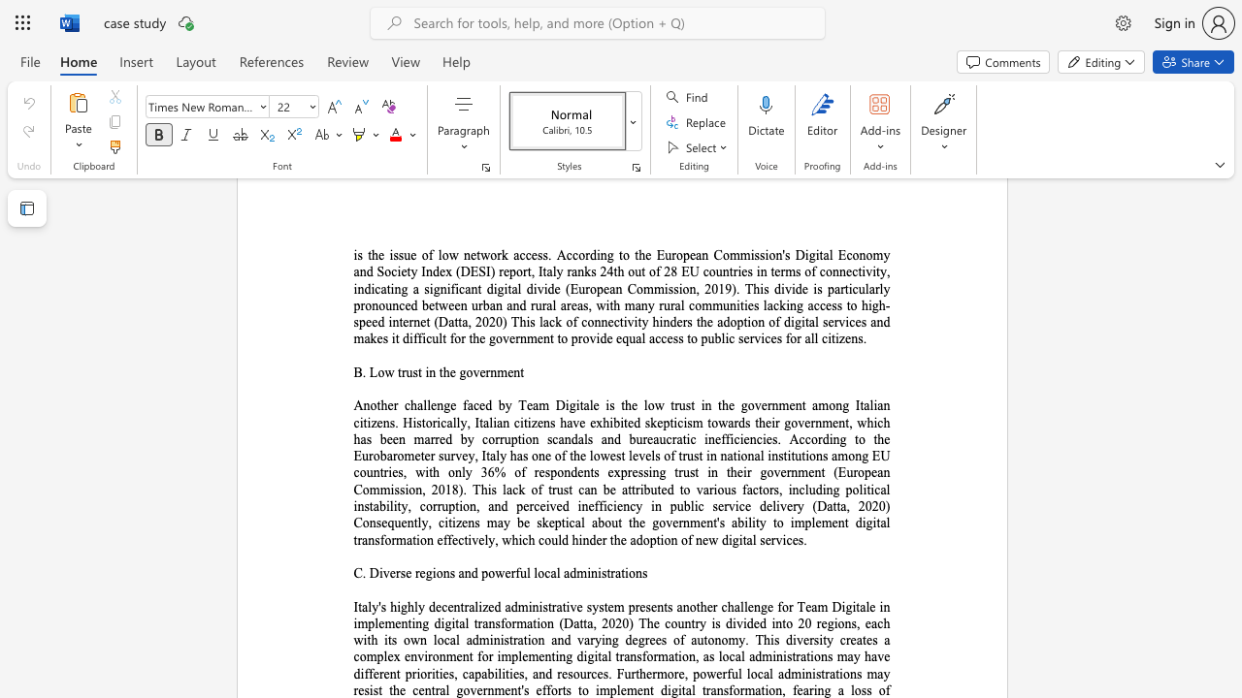 This screenshot has height=698, width=1242. I want to click on the subset text "nd resources. Furthermore, po" within the text "Italy", so click(539, 673).